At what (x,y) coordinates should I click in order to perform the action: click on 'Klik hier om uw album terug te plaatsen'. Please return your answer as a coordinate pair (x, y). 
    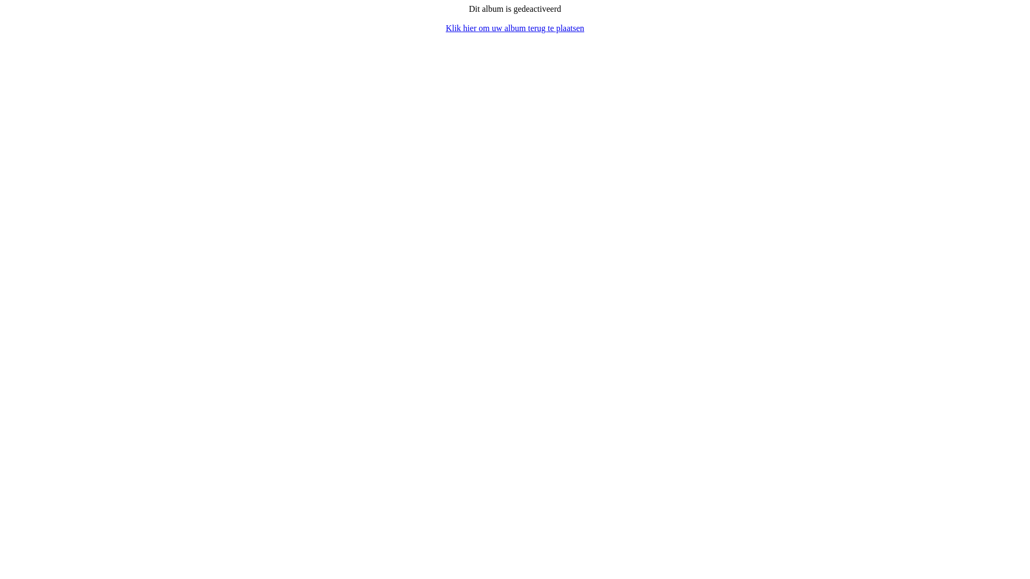
    Looking at the image, I should click on (515, 27).